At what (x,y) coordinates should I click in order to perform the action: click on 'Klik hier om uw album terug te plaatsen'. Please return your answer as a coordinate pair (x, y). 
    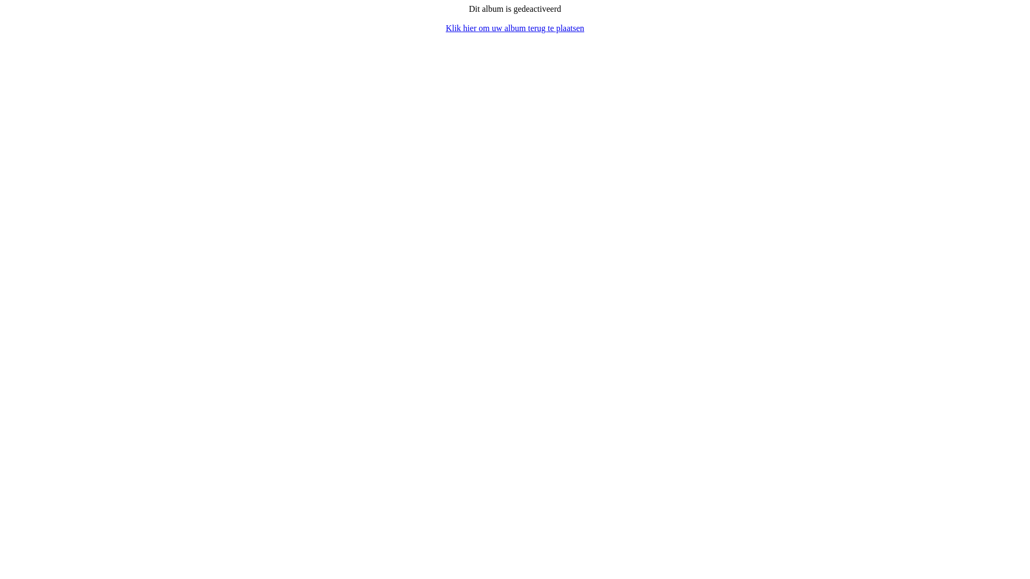
    Looking at the image, I should click on (515, 27).